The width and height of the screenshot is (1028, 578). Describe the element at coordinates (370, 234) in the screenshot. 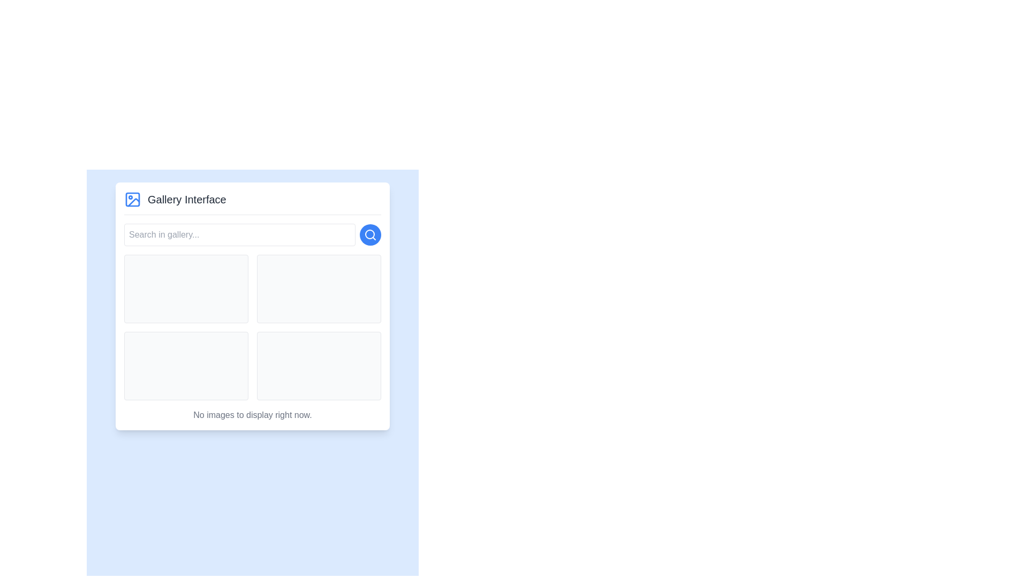

I see `the search action icon located in the top-right corner of the search bar within its circular button context` at that location.